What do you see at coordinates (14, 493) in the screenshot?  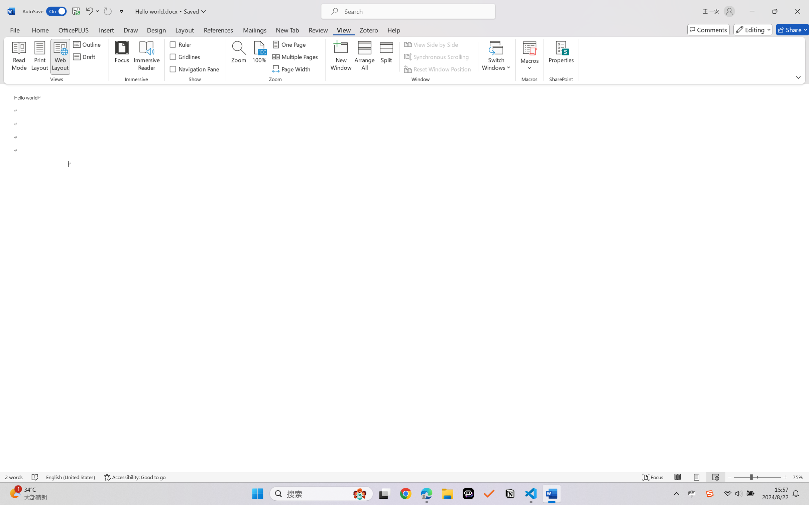 I see `'AutomationID: BadgeAnchorLargeTicker'` at bounding box center [14, 493].